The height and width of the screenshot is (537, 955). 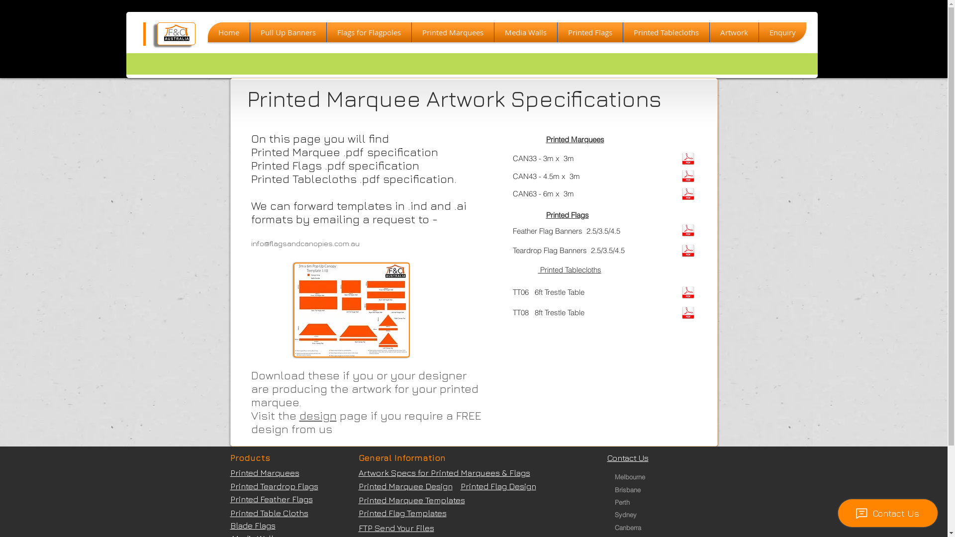 I want to click on 'Printed Flag Templates', so click(x=402, y=513).